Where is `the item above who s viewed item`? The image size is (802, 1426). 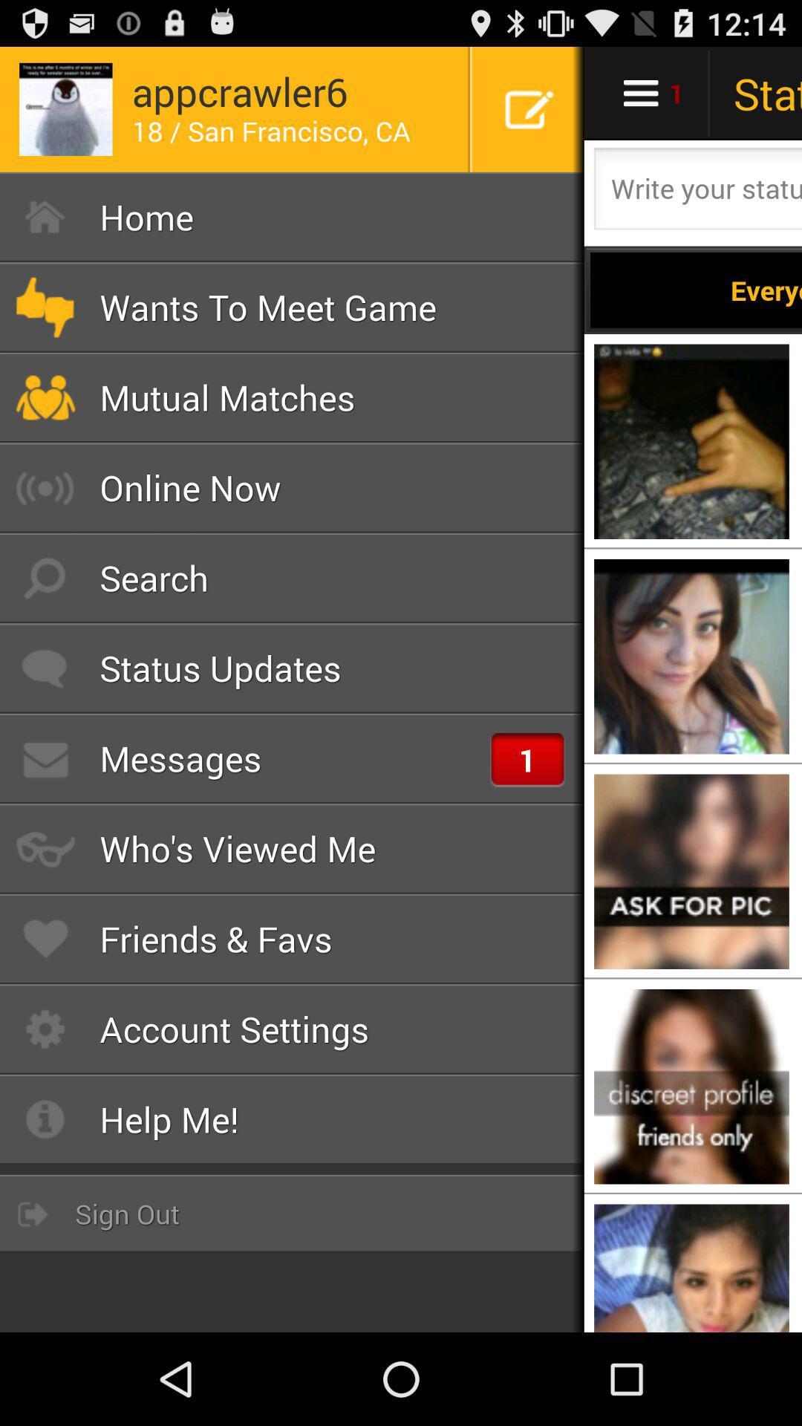
the item above who s viewed item is located at coordinates (292, 758).